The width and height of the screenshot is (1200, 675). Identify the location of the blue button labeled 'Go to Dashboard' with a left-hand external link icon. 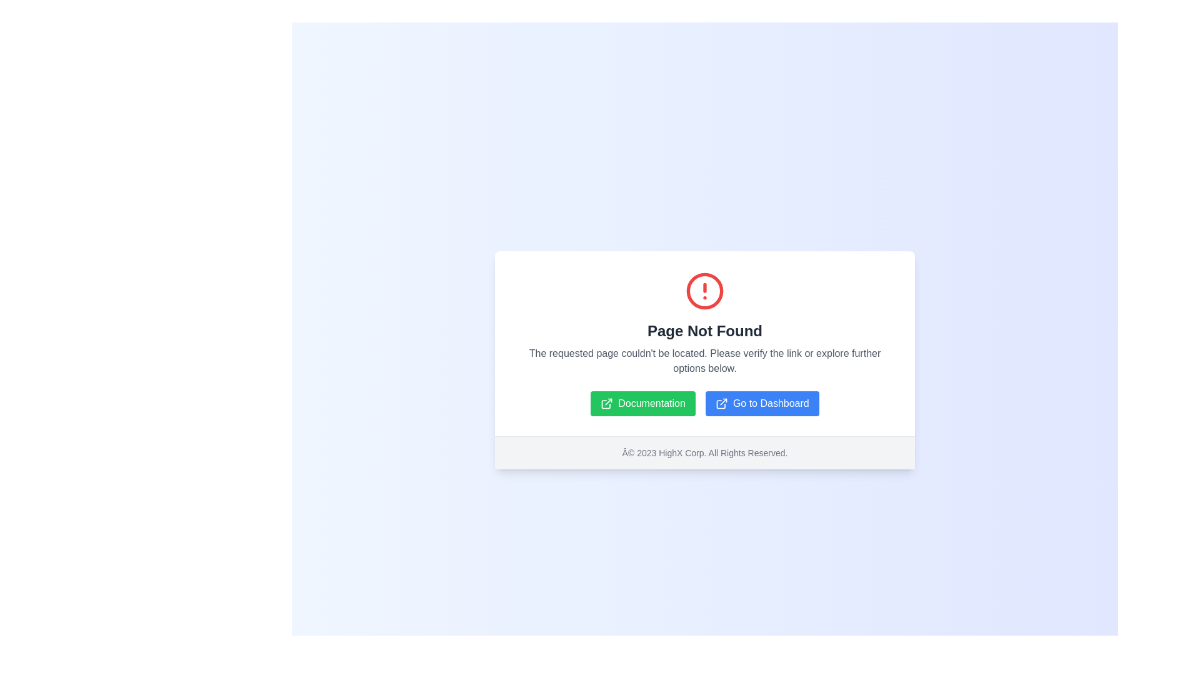
(761, 403).